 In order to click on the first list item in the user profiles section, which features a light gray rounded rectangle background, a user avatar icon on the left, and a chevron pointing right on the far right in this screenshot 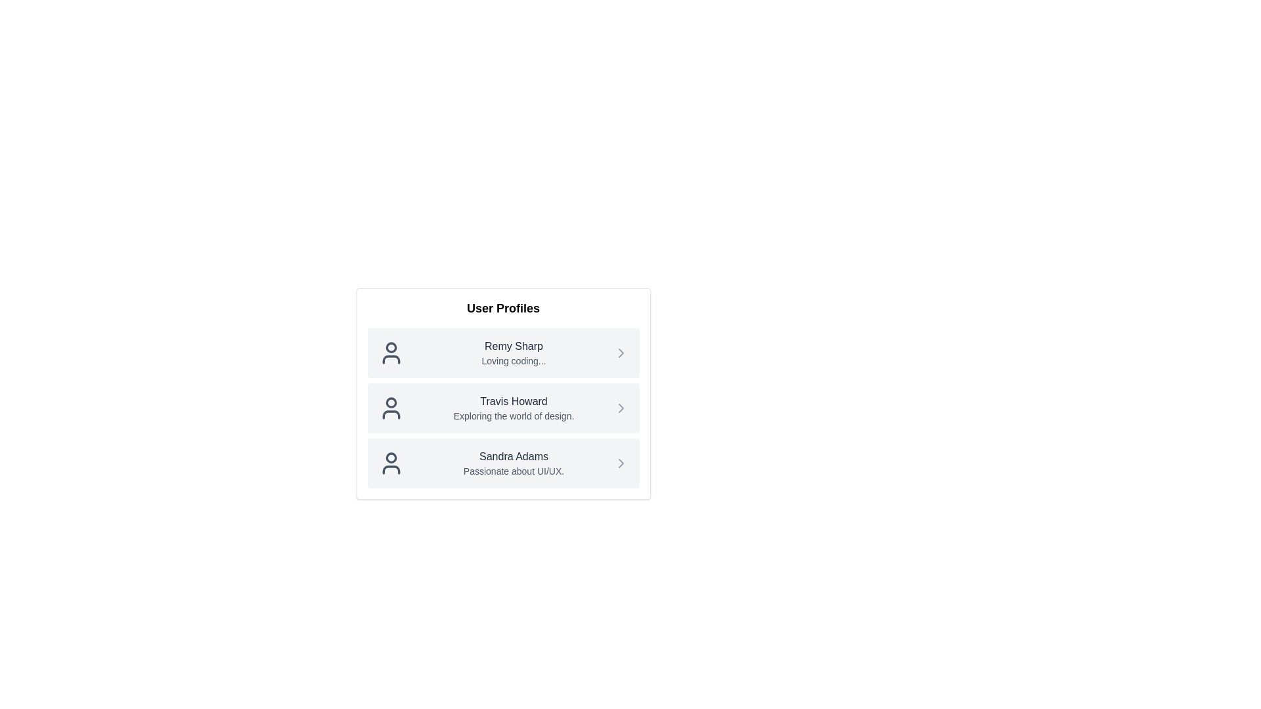, I will do `click(502, 352)`.